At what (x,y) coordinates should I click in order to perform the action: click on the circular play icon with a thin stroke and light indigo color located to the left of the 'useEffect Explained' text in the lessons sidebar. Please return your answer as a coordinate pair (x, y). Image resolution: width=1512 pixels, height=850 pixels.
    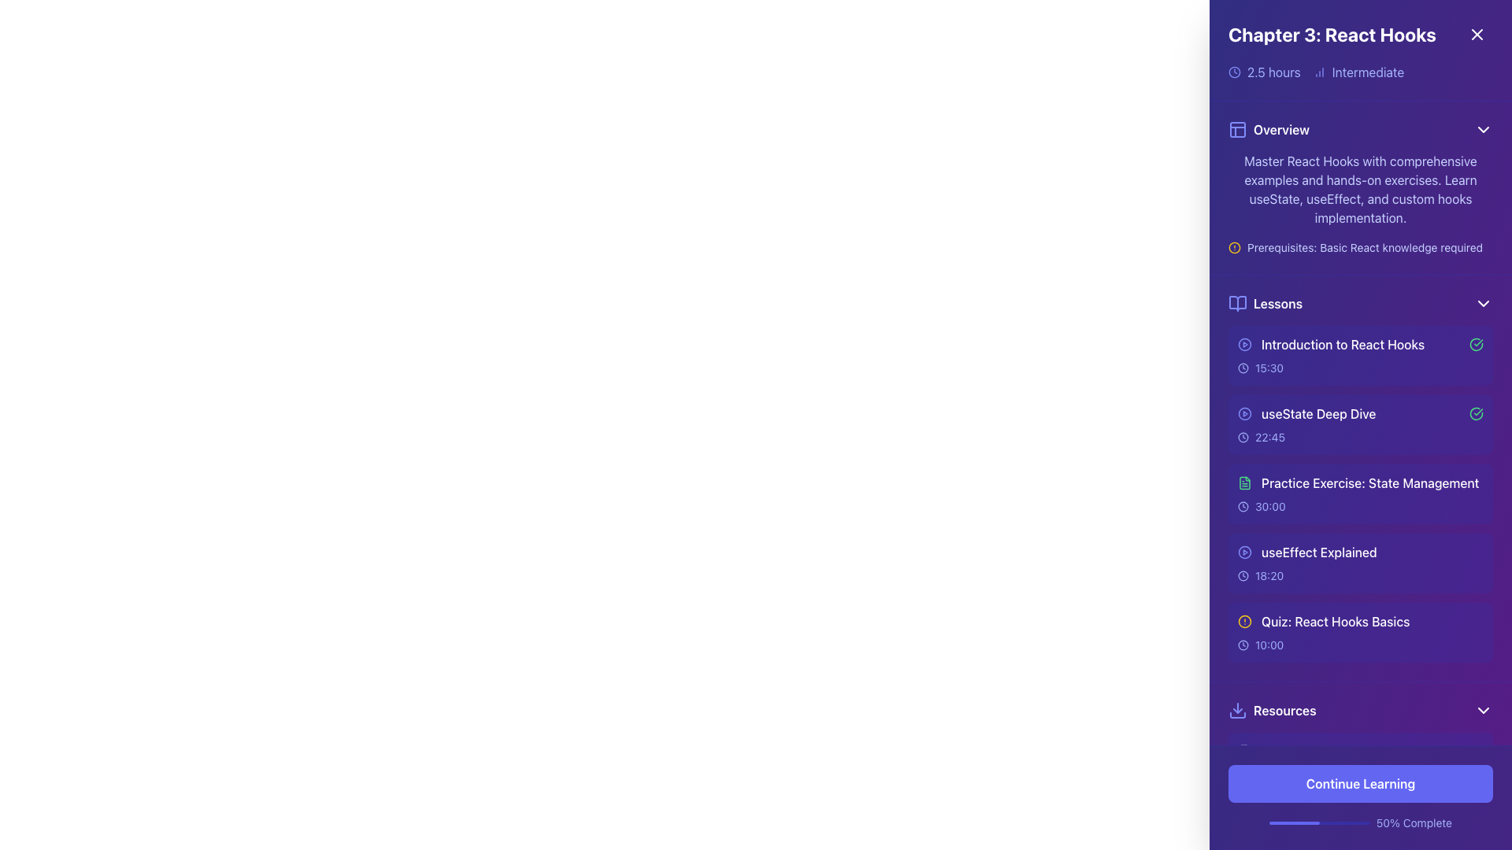
    Looking at the image, I should click on (1243, 552).